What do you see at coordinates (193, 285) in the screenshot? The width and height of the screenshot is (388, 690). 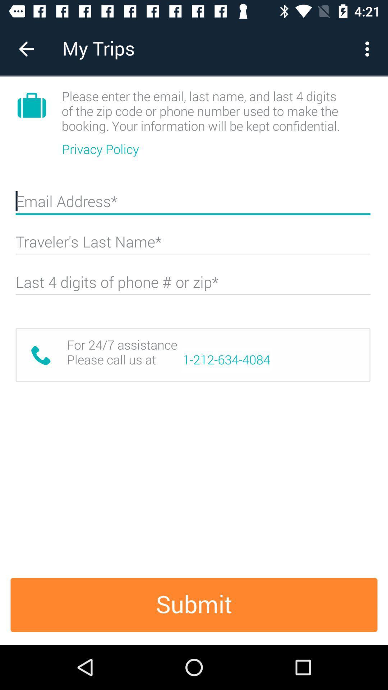 I see `information box` at bounding box center [193, 285].